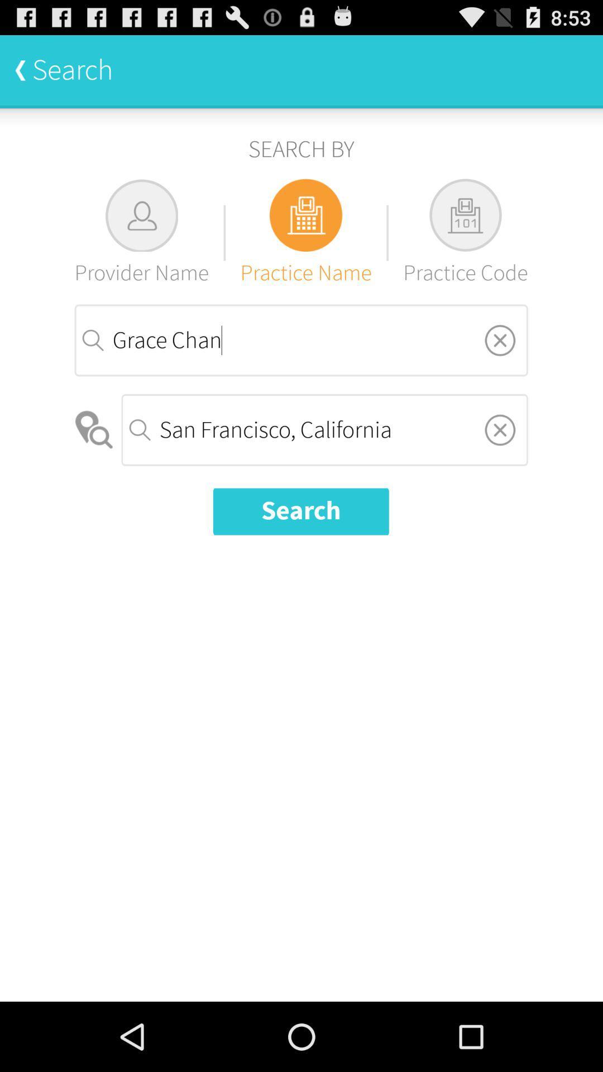 The height and width of the screenshot is (1072, 603). I want to click on practice name icon, so click(306, 232).